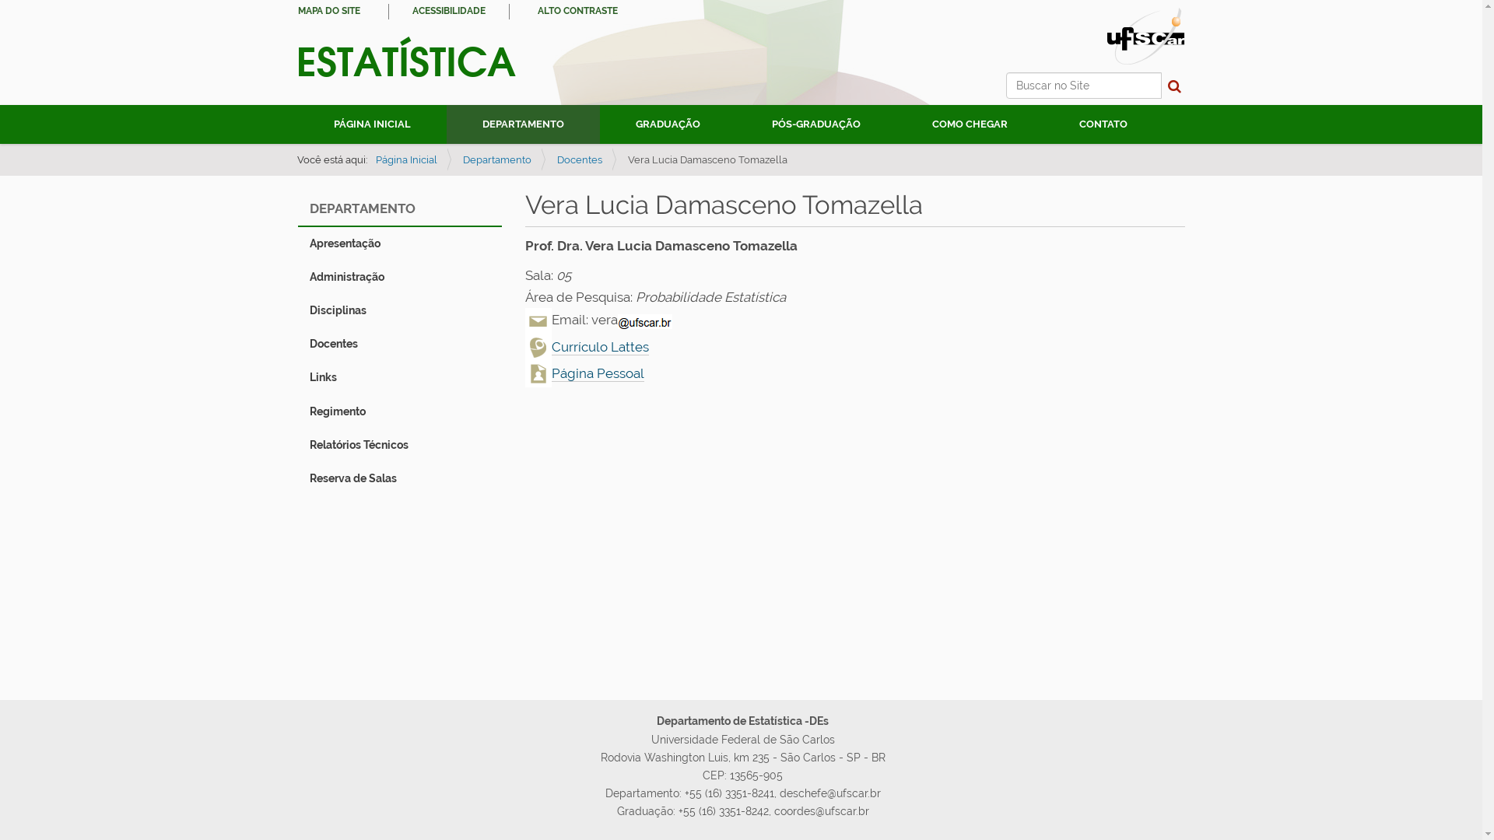  Describe the element at coordinates (328, 11) in the screenshot. I see `'MAPA DO SITE'` at that location.